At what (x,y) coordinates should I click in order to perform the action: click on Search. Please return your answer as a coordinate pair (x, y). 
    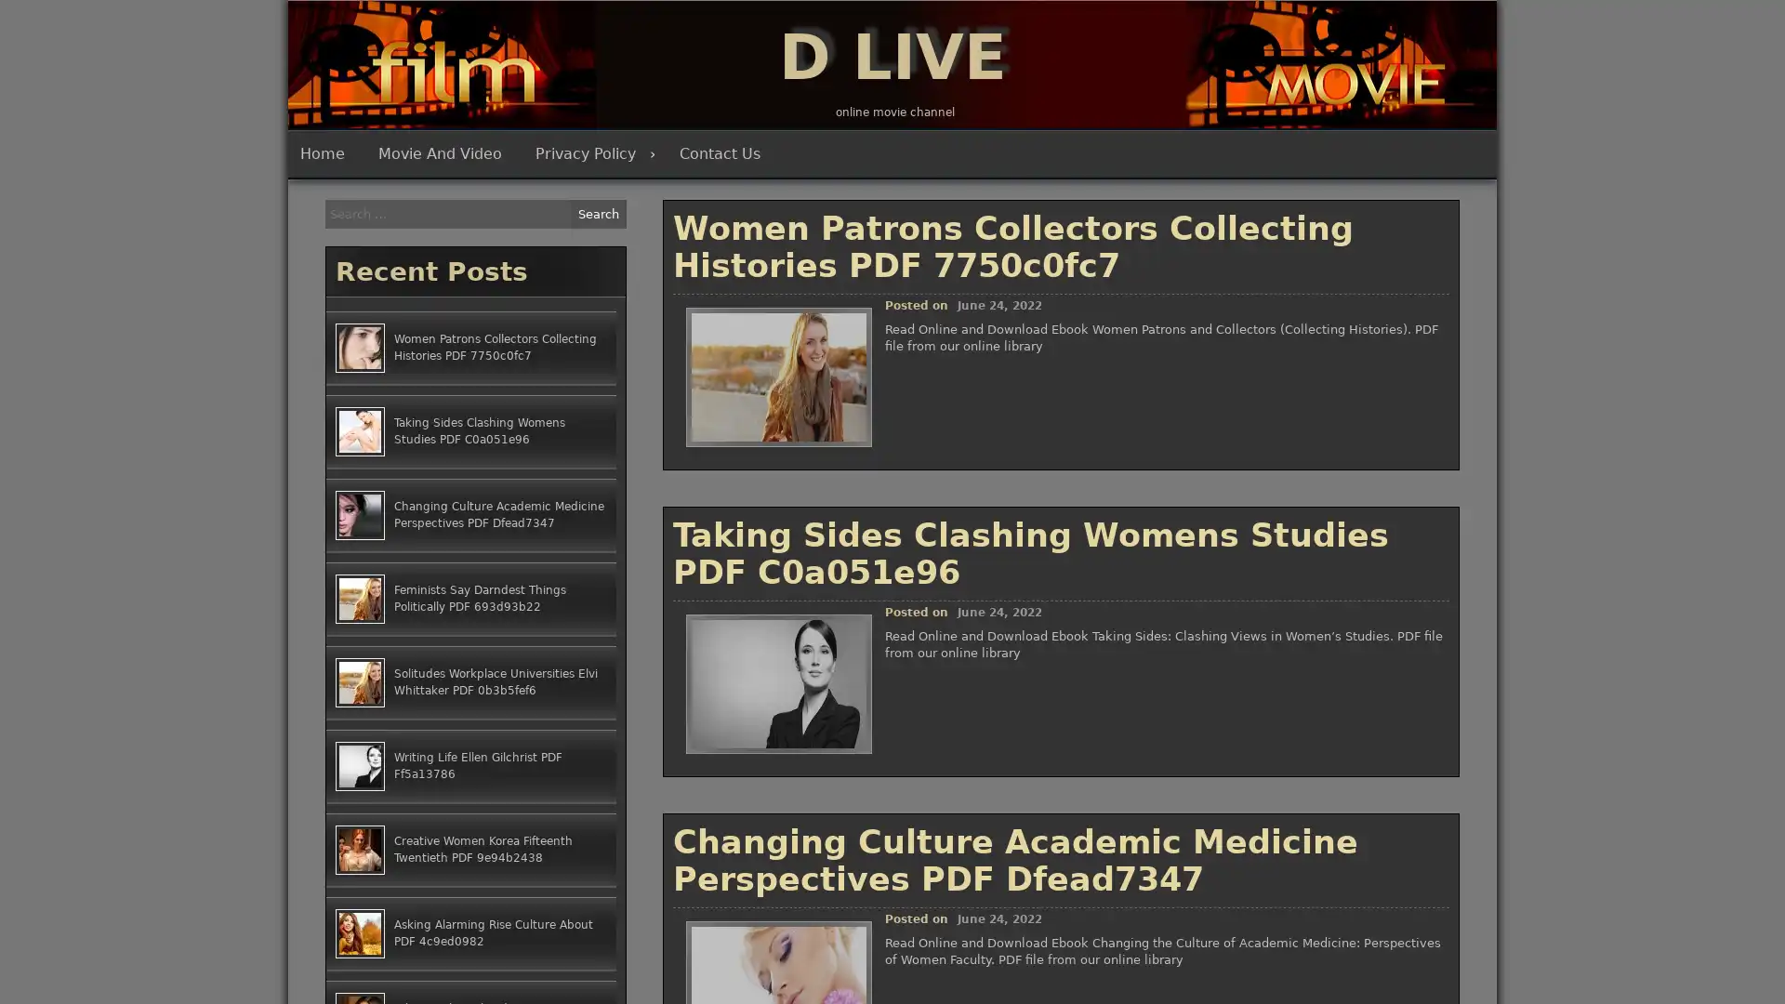
    Looking at the image, I should click on (598, 213).